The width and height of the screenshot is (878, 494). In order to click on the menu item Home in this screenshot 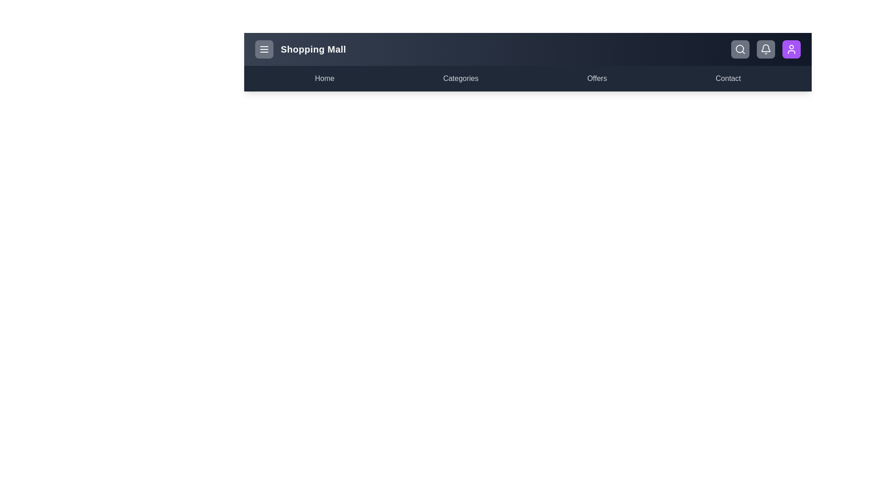, I will do `click(325, 78)`.